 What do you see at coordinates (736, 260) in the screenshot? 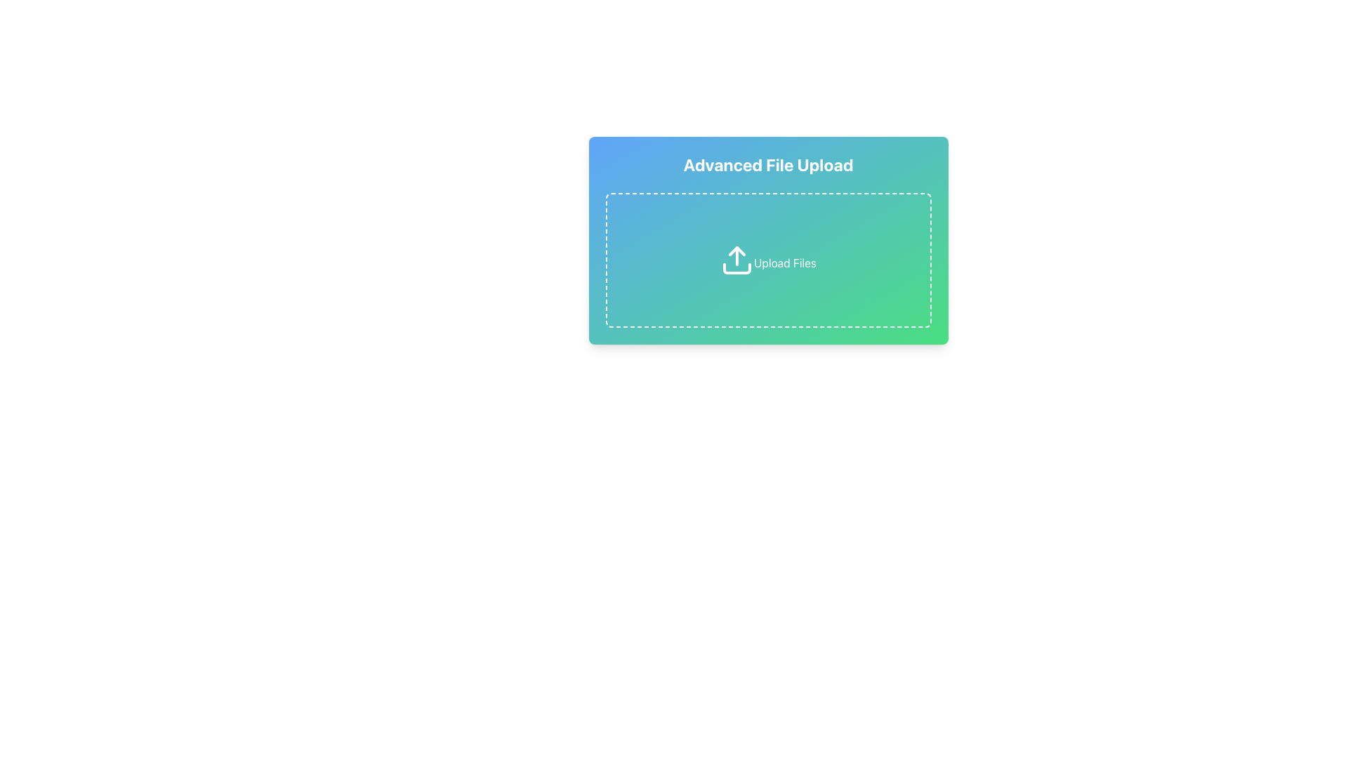
I see `the upload icon located centrally within the dashed border area of the 'Advanced File Upload' card to initiate the file upload process` at bounding box center [736, 260].